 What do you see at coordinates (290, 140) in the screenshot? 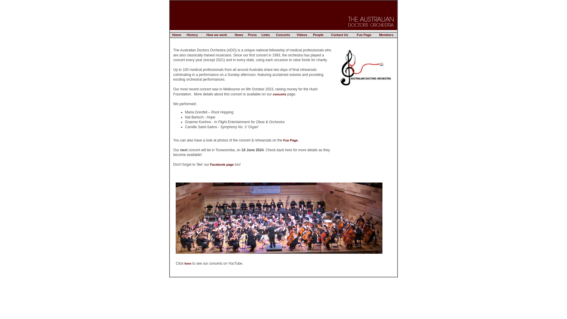
I see `'Fun Page'` at bounding box center [290, 140].